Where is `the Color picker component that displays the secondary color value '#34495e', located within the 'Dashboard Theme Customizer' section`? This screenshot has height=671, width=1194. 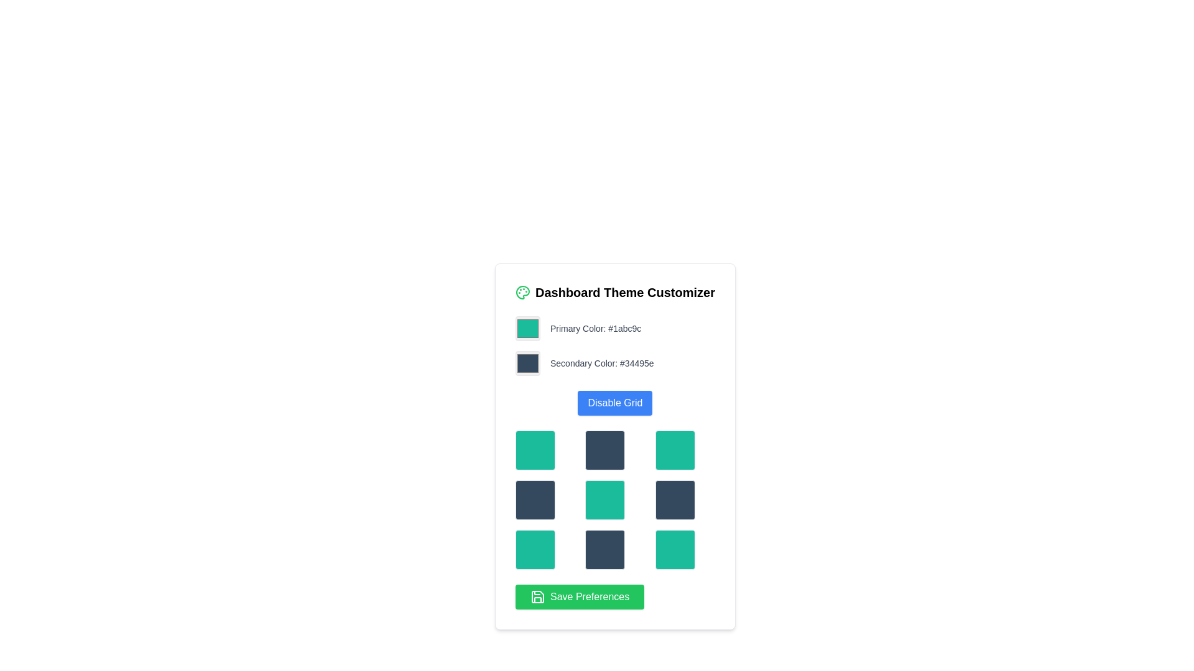 the Color picker component that displays the secondary color value '#34495e', located within the 'Dashboard Theme Customizer' section is located at coordinates (615, 363).